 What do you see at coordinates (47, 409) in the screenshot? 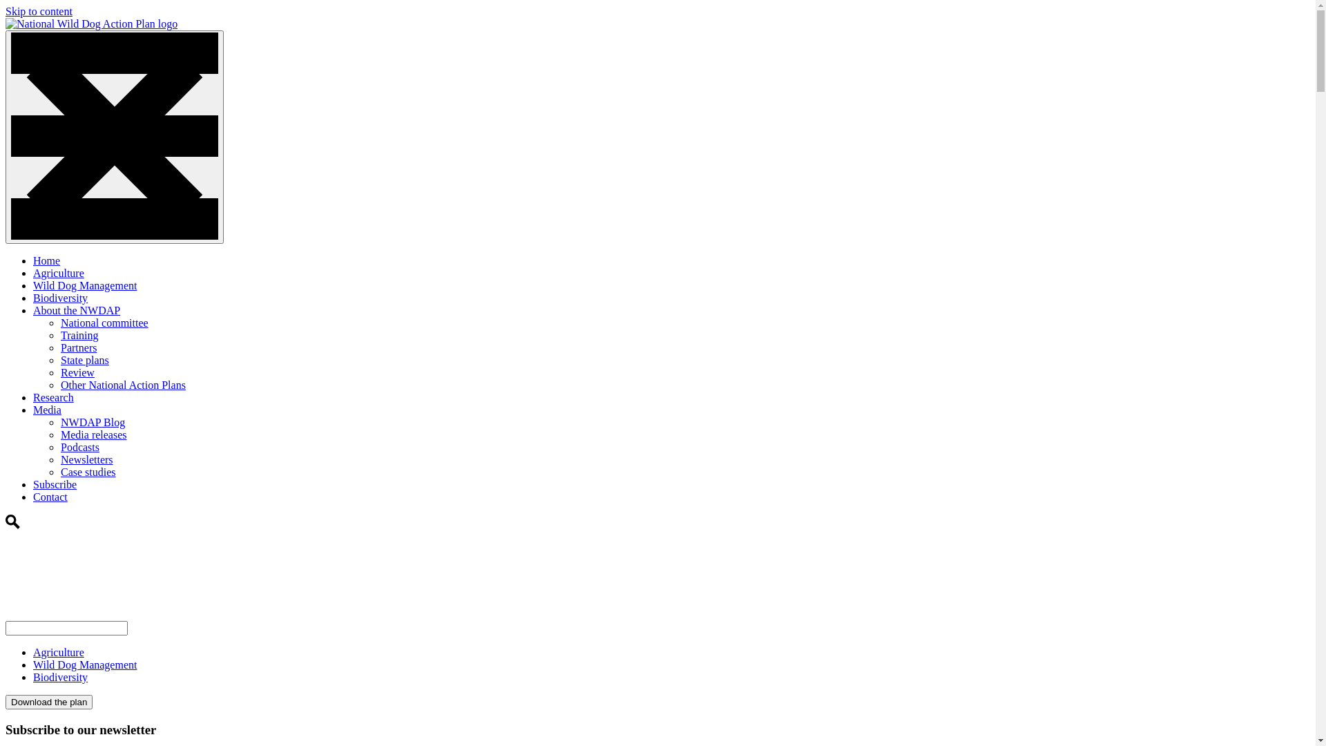
I see `'Media'` at bounding box center [47, 409].